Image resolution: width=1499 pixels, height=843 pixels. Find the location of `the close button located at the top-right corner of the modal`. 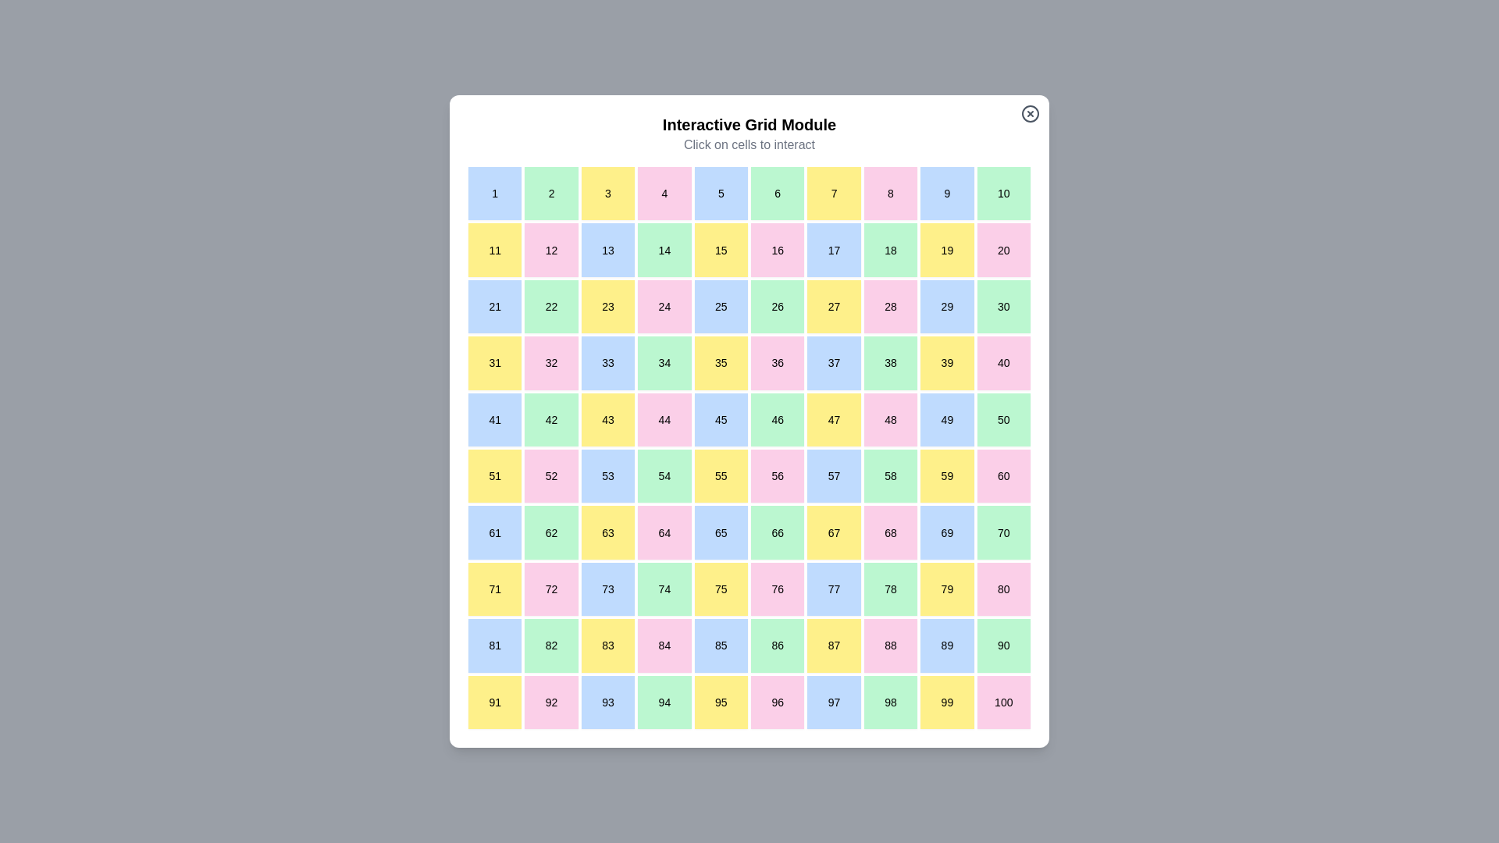

the close button located at the top-right corner of the modal is located at coordinates (1031, 113).